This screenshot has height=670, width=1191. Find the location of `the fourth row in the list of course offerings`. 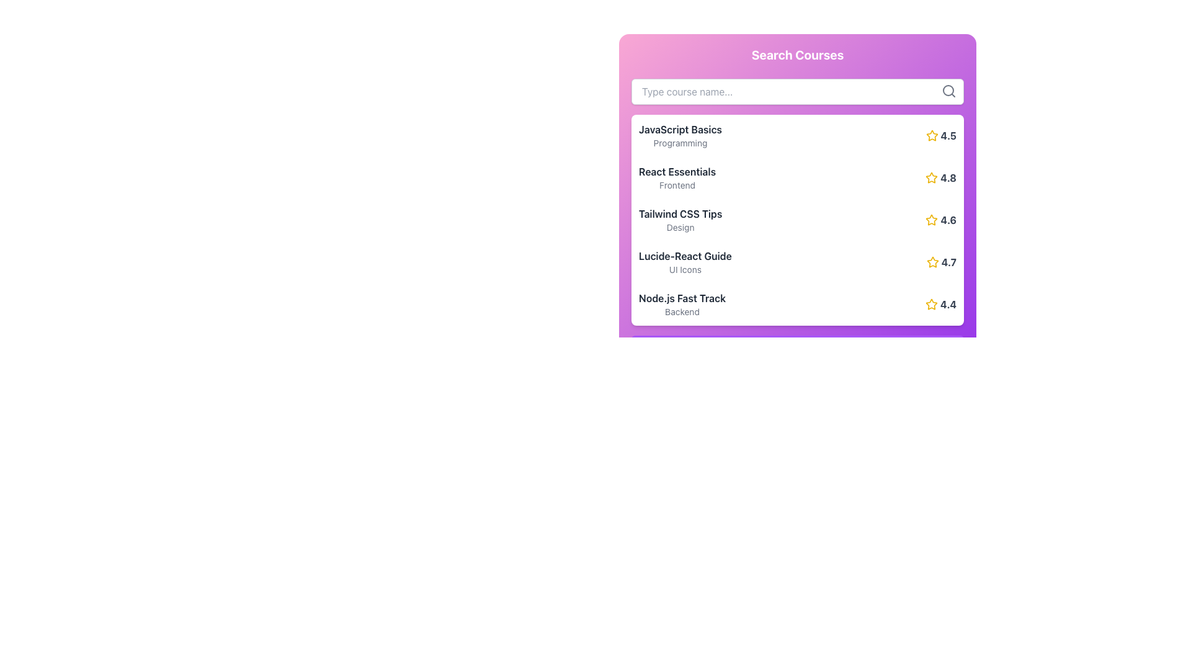

the fourth row in the list of course offerings is located at coordinates (798, 262).